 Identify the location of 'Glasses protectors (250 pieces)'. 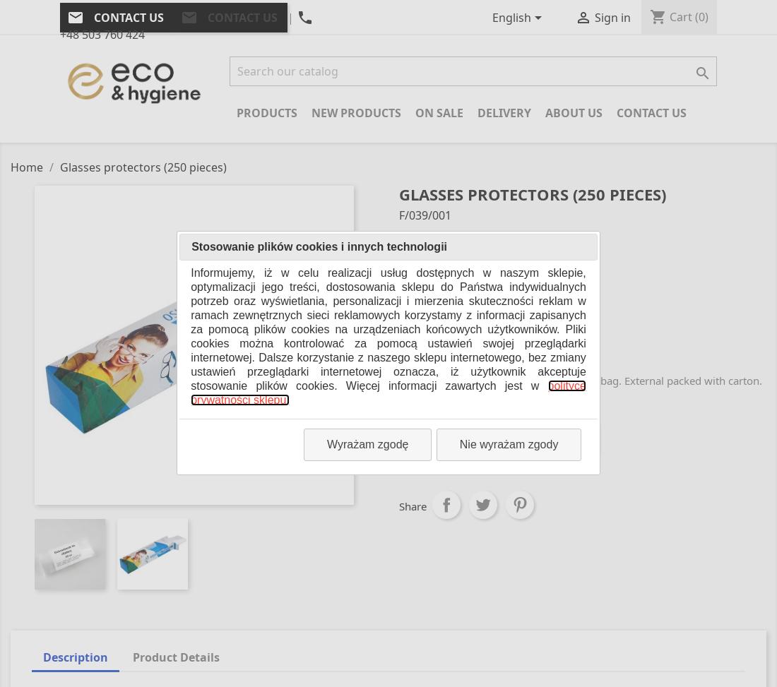
(475, 295).